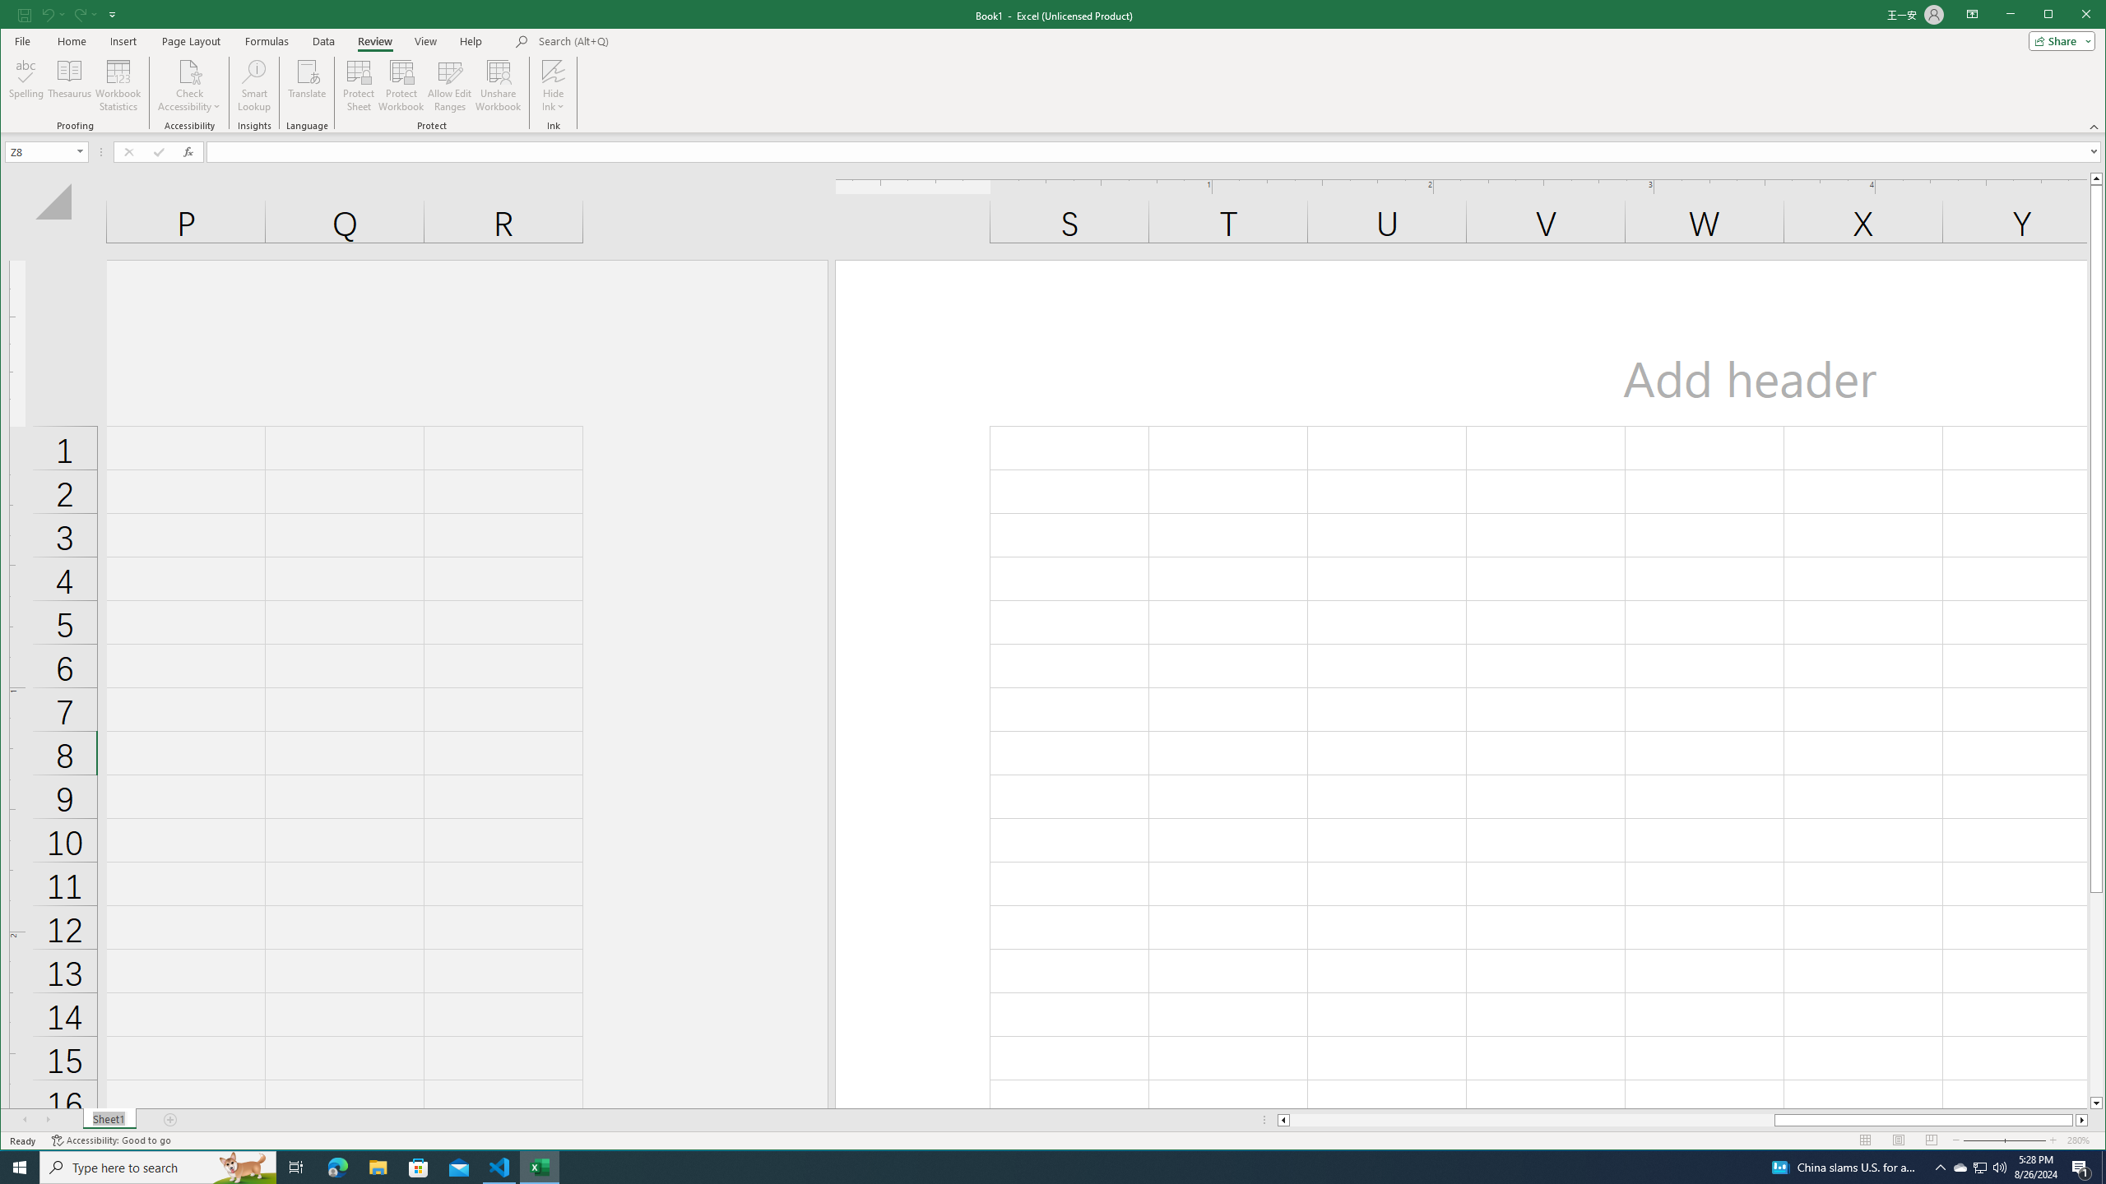 The image size is (2106, 1184). Describe the element at coordinates (1978, 1166) in the screenshot. I see `'User Promoted Notification Area'` at that location.